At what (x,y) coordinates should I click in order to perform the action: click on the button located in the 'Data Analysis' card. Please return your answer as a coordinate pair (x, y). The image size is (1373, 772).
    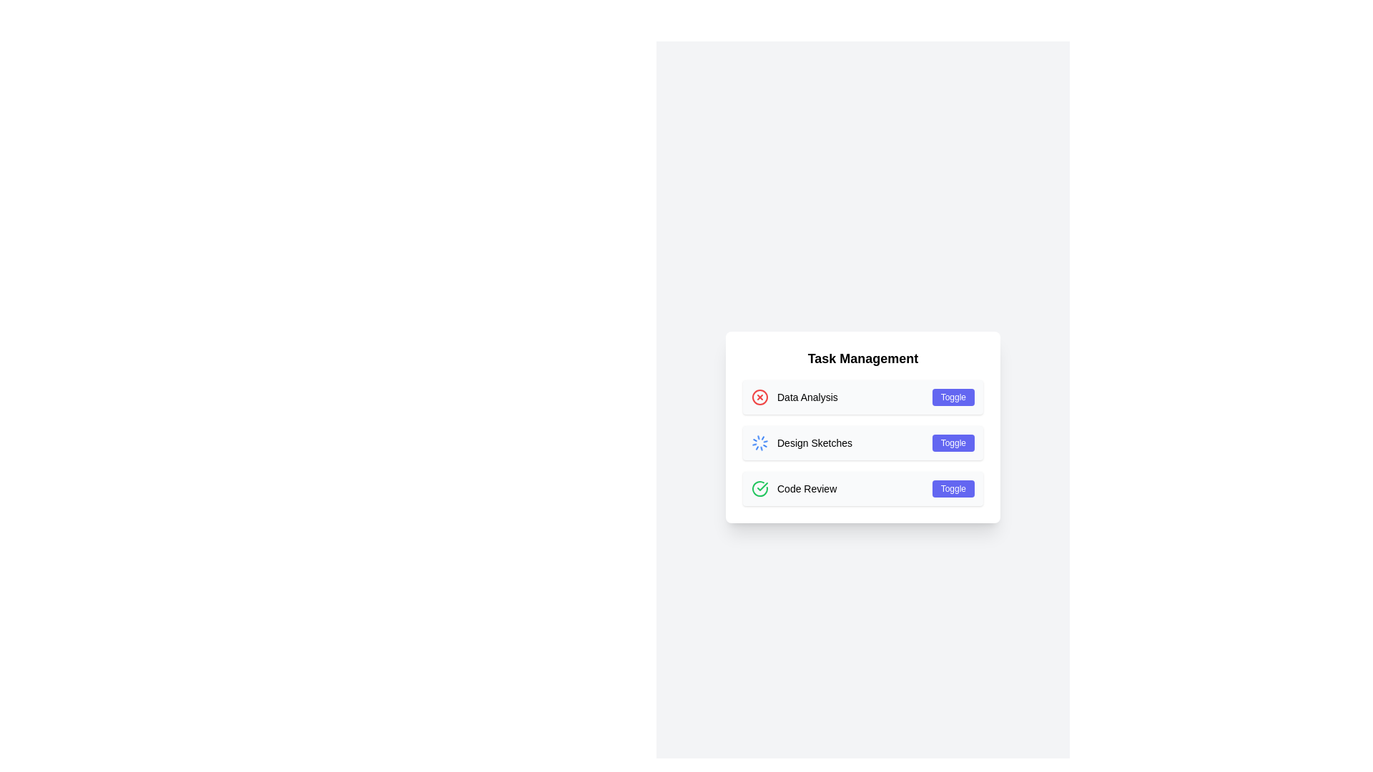
    Looking at the image, I should click on (953, 397).